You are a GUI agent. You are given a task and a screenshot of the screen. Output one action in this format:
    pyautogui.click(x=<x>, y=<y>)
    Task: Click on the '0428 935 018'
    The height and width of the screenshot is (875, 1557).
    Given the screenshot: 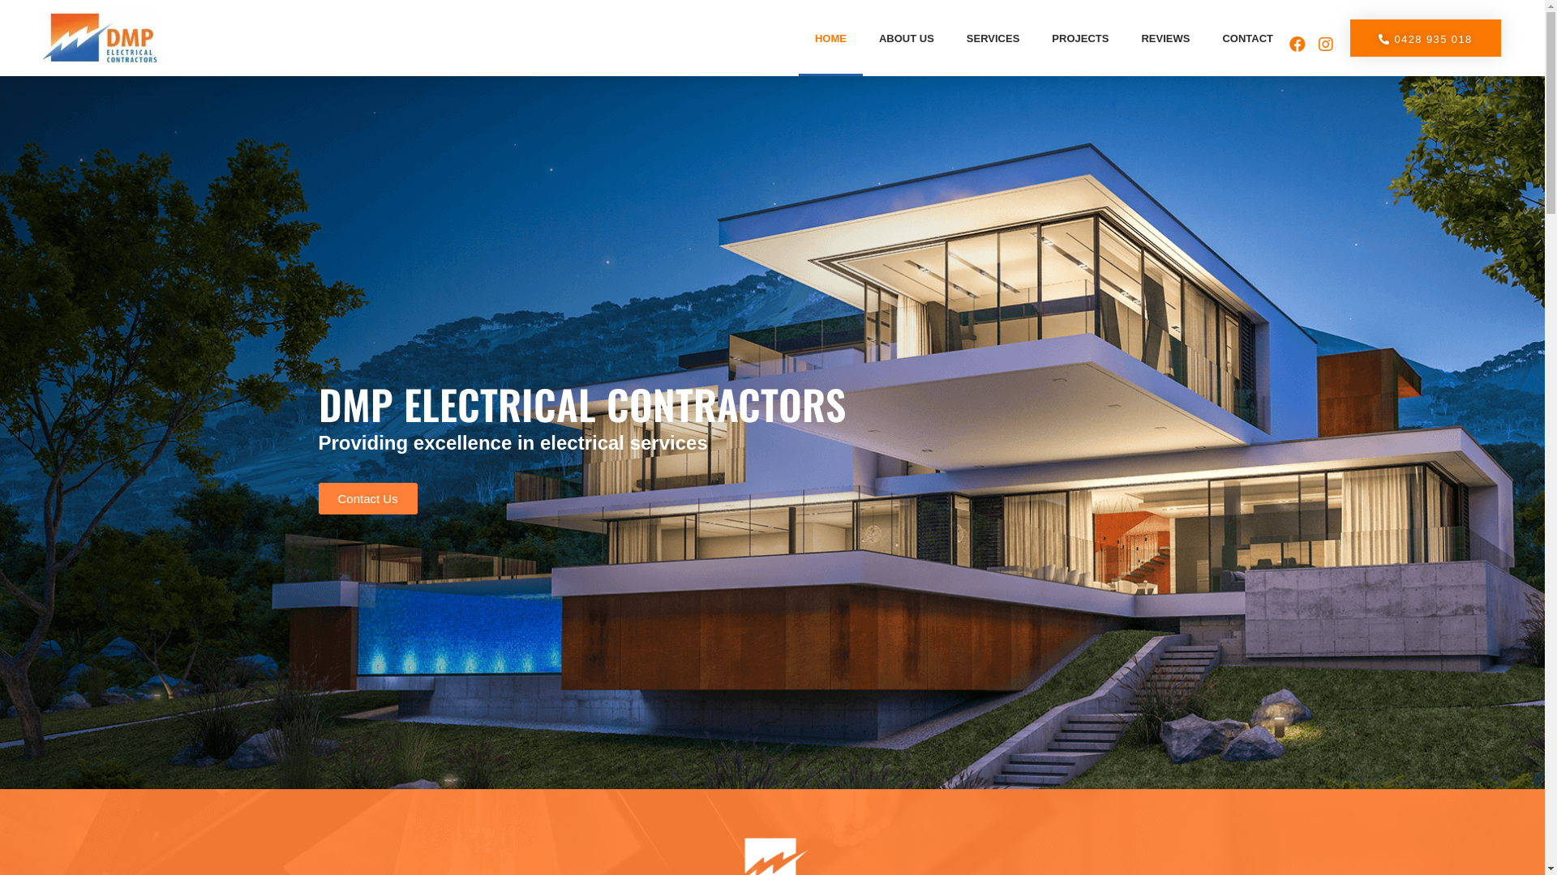 What is the action you would take?
    pyautogui.click(x=1424, y=36)
    